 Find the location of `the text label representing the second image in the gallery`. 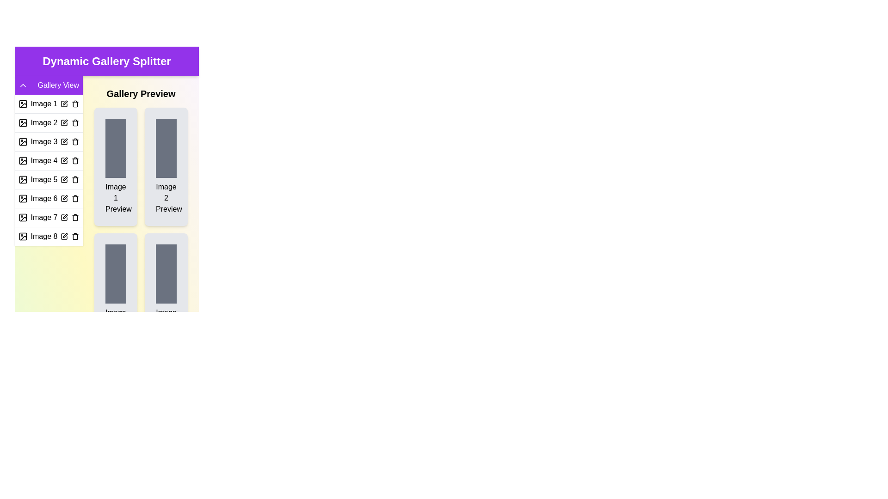

the text label representing the second image in the gallery is located at coordinates (43, 122).